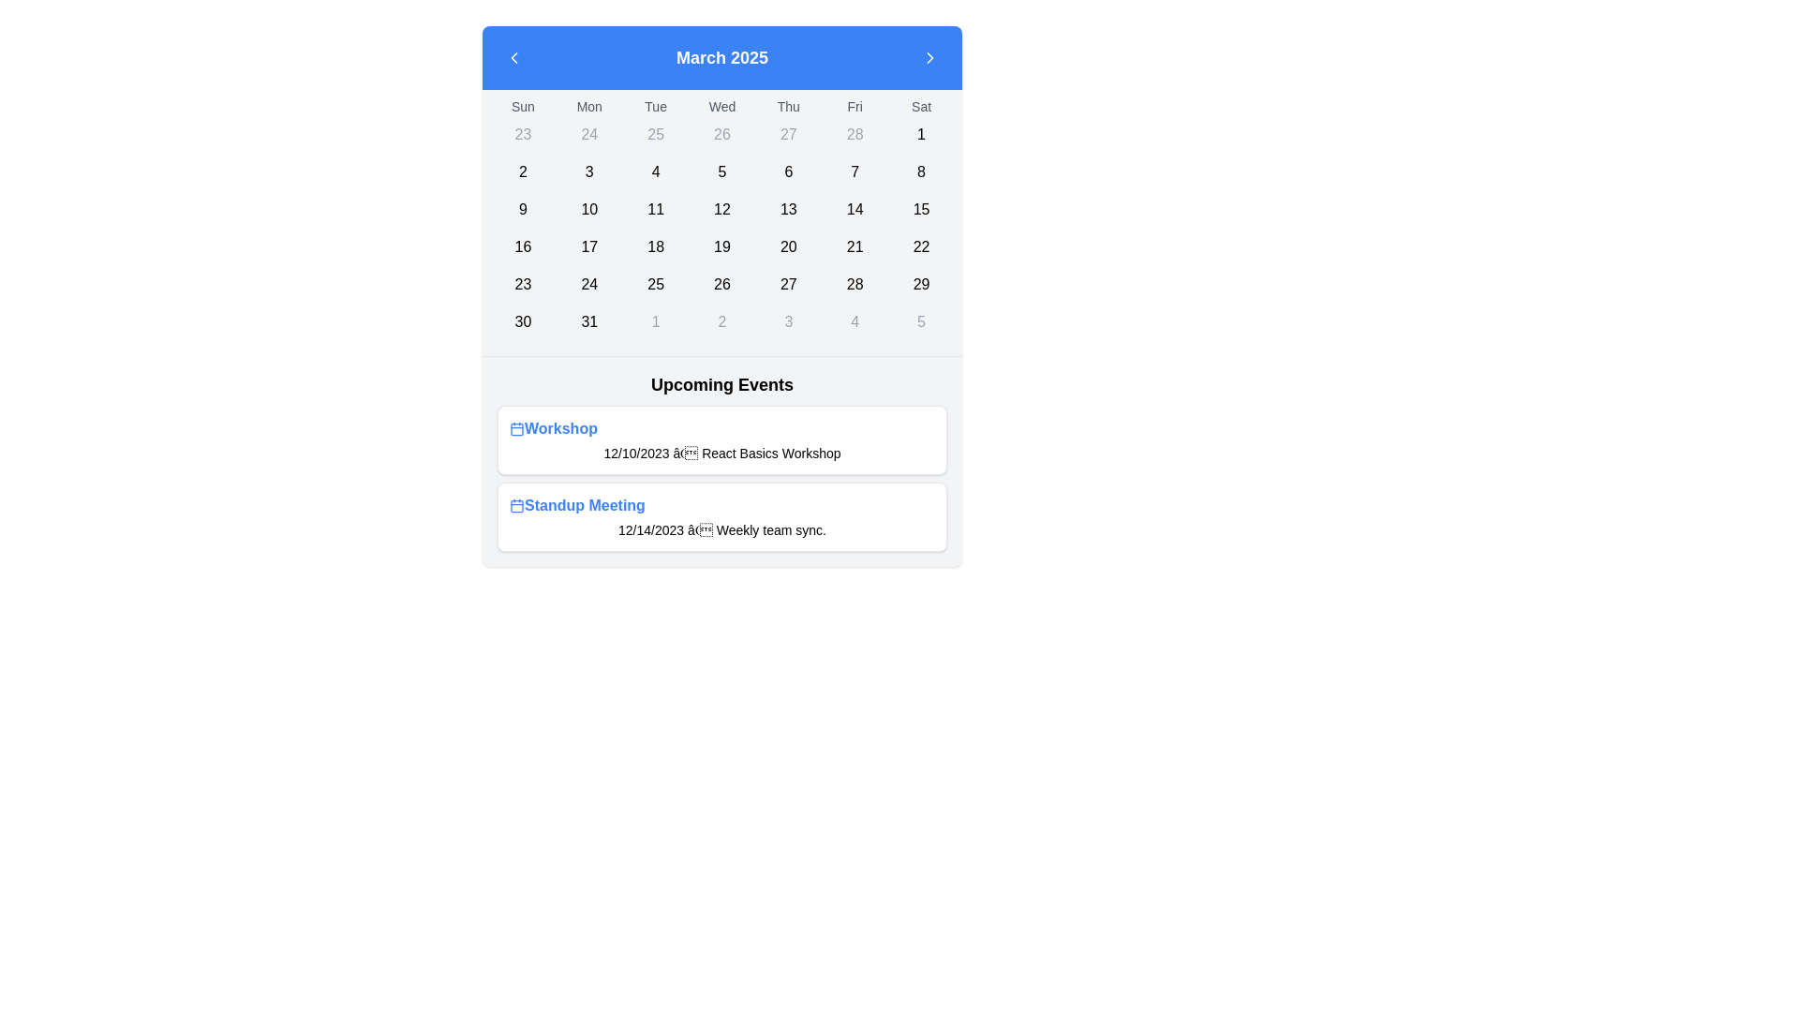 This screenshot has width=1799, height=1012. What do you see at coordinates (721, 133) in the screenshot?
I see `the calendar day cell representing the date '26' in the fourth column of the second row under 'Wed'` at bounding box center [721, 133].